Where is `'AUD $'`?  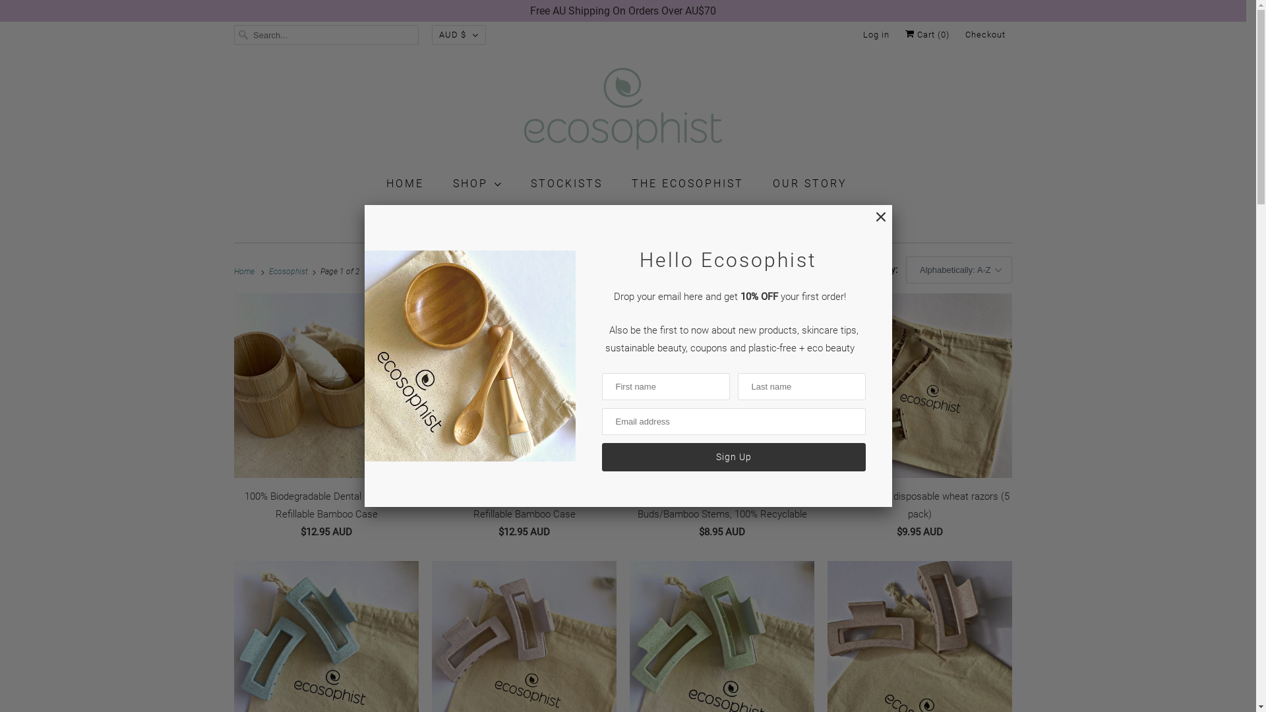
'AUD $' is located at coordinates (431, 34).